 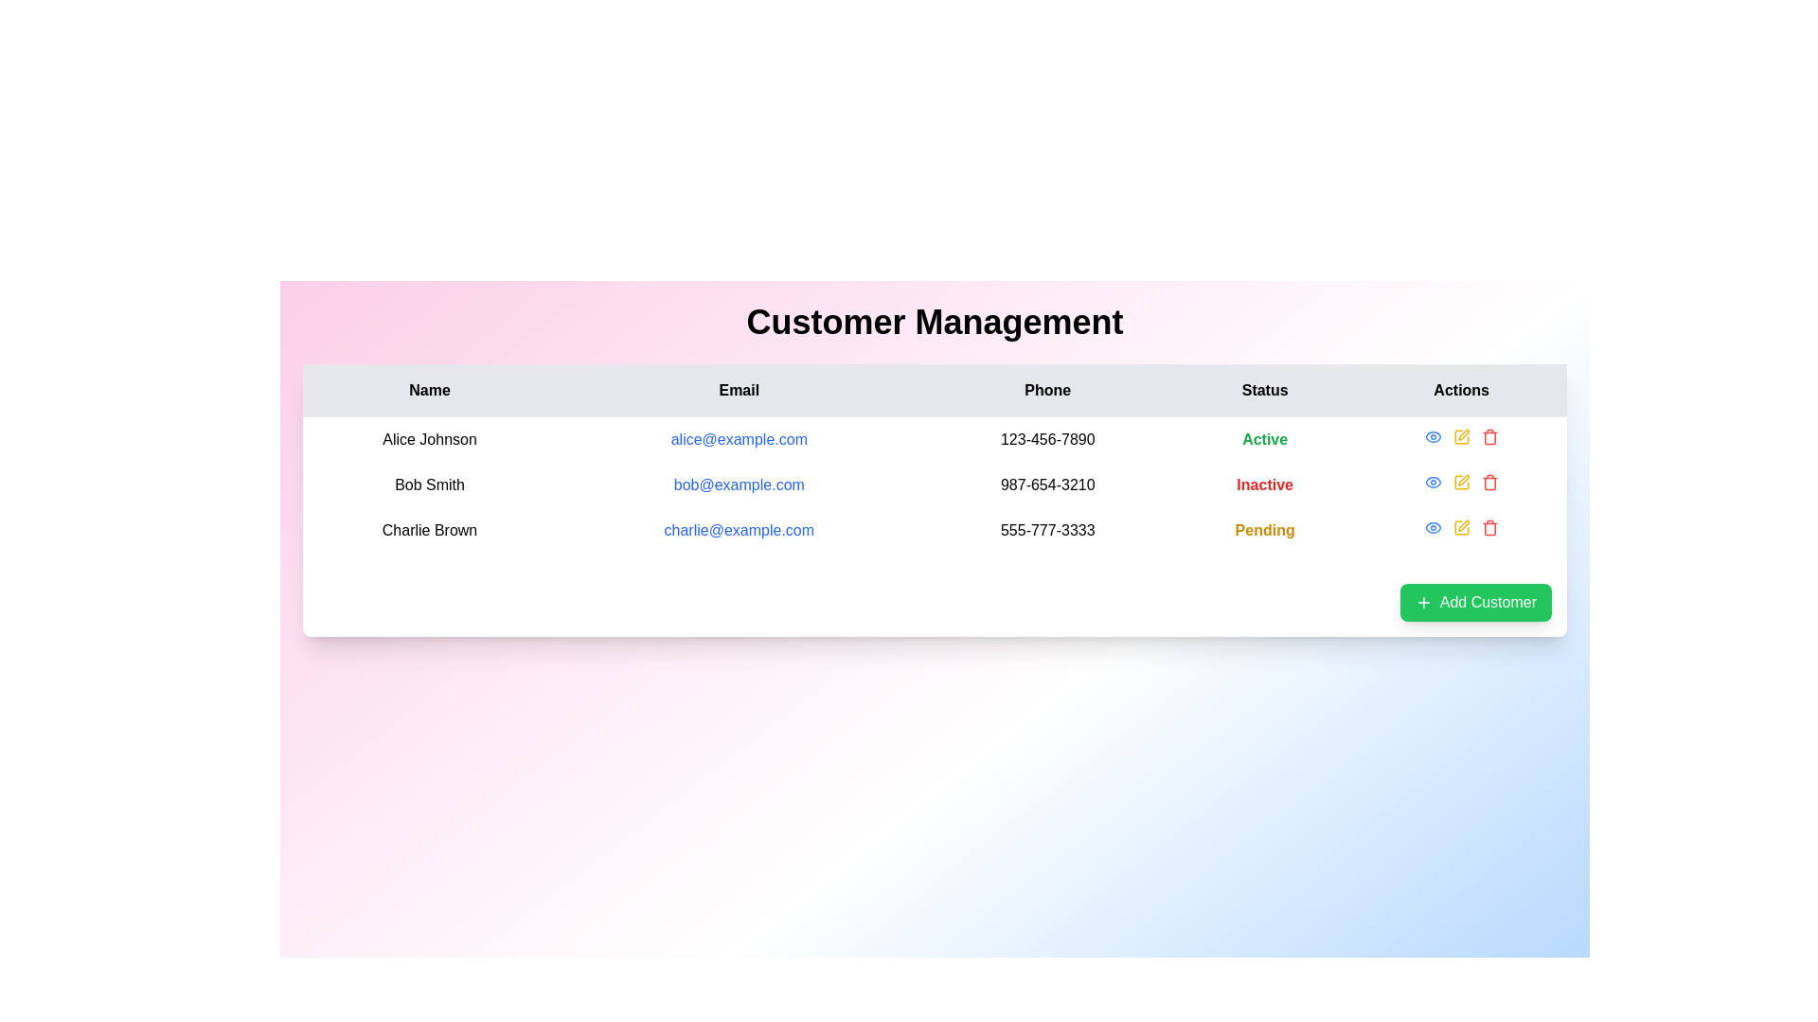 I want to click on the static text element displaying the contact phone number ('987-654-3210') for 'Bob Smith', located in the 'Phone' column of the row, to the right of the email field and to the left of the status field, so click(x=1046, y=485).